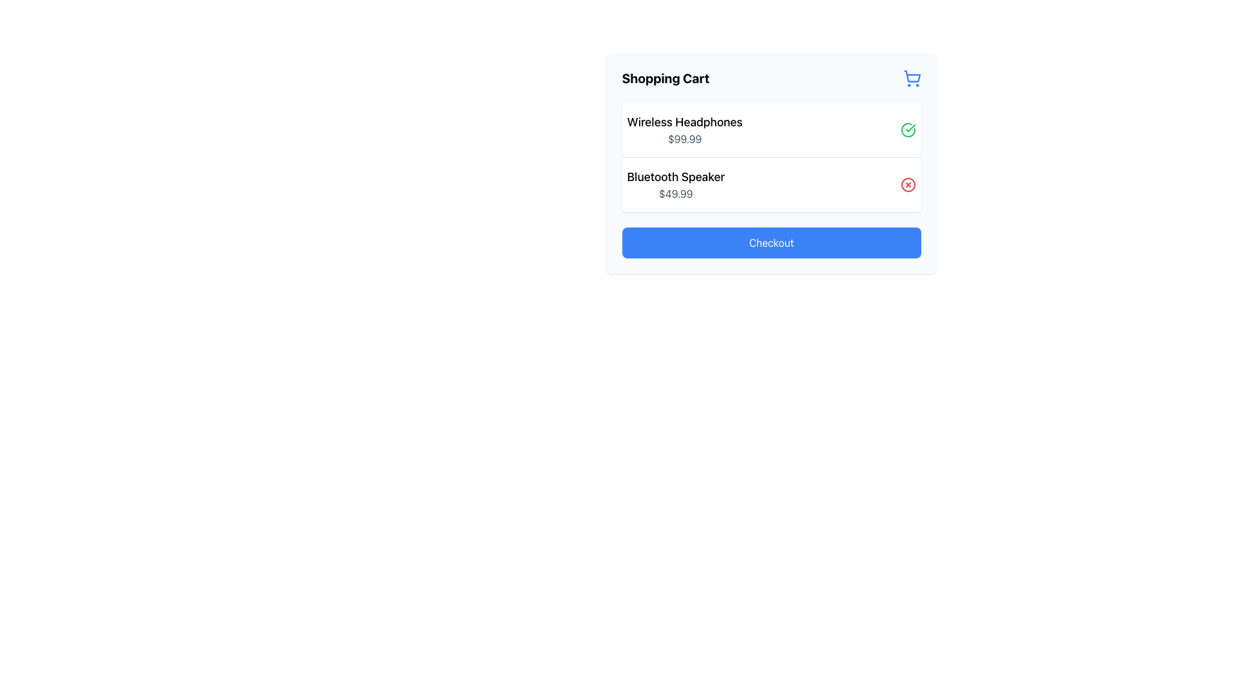 The image size is (1237, 696). Describe the element at coordinates (675, 177) in the screenshot. I see `the text label displaying 'Bluetooth Speaker' that is bold and larger, aligned left in the shopping cart interface, positioned directly above the price tag '$49.99'` at that location.